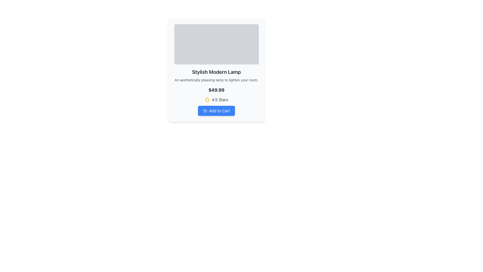 The height and width of the screenshot is (272, 483). Describe the element at coordinates (205, 110) in the screenshot. I see `the shopping cart icon contained within the 'Add to Cart' button located at the bottom of the product card` at that location.